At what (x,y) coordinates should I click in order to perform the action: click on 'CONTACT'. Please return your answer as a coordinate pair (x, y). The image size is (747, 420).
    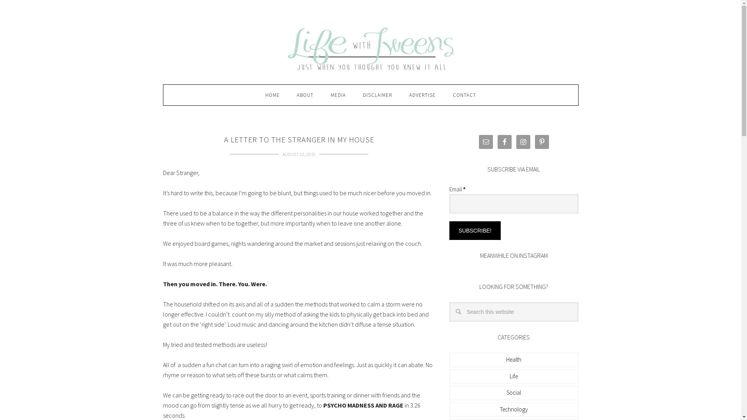
    Looking at the image, I should click on (465, 94).